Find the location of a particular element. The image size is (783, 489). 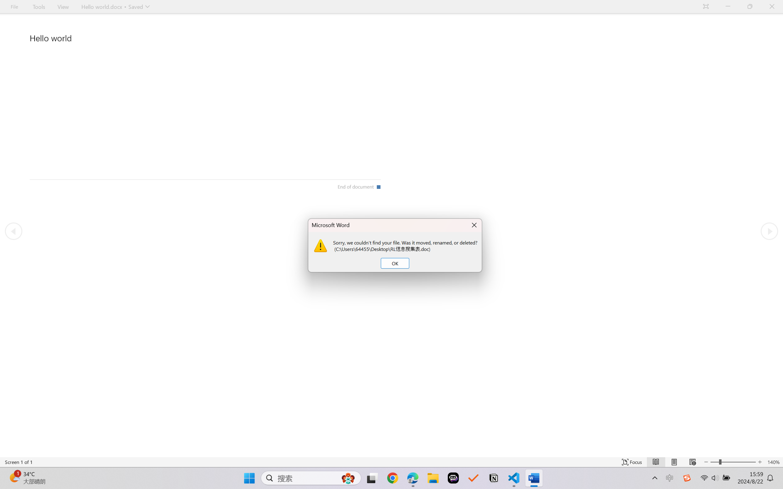

'Read Mode' is located at coordinates (656, 462).